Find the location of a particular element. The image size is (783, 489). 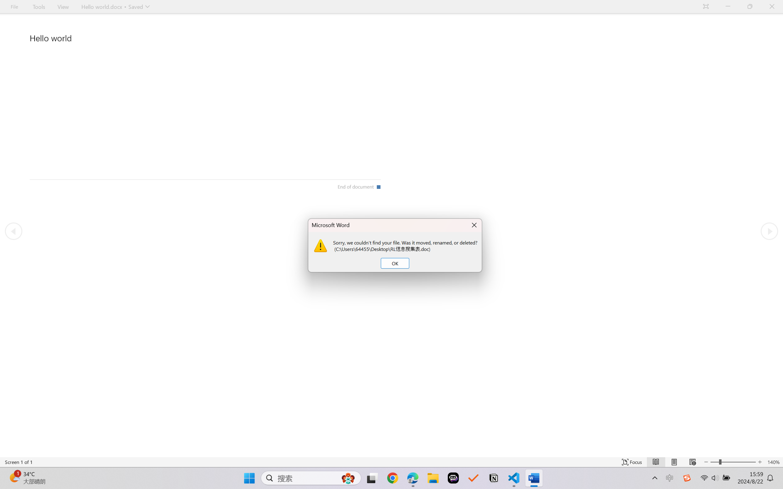

'Read Mode' is located at coordinates (656, 462).